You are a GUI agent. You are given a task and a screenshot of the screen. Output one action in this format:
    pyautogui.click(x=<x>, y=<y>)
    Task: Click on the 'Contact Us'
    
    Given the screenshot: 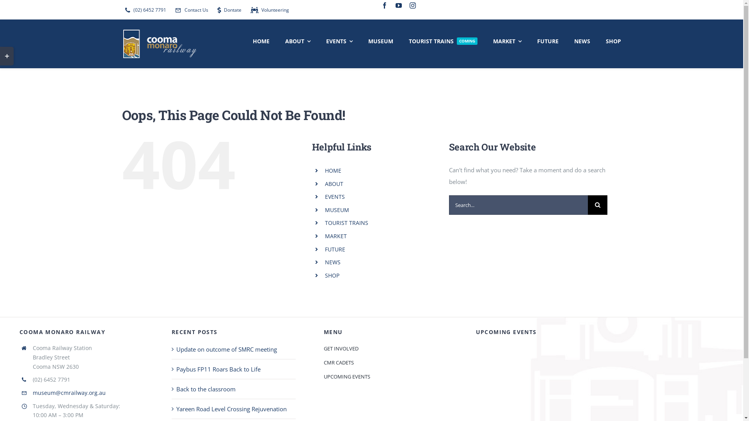 What is the action you would take?
    pyautogui.click(x=171, y=10)
    